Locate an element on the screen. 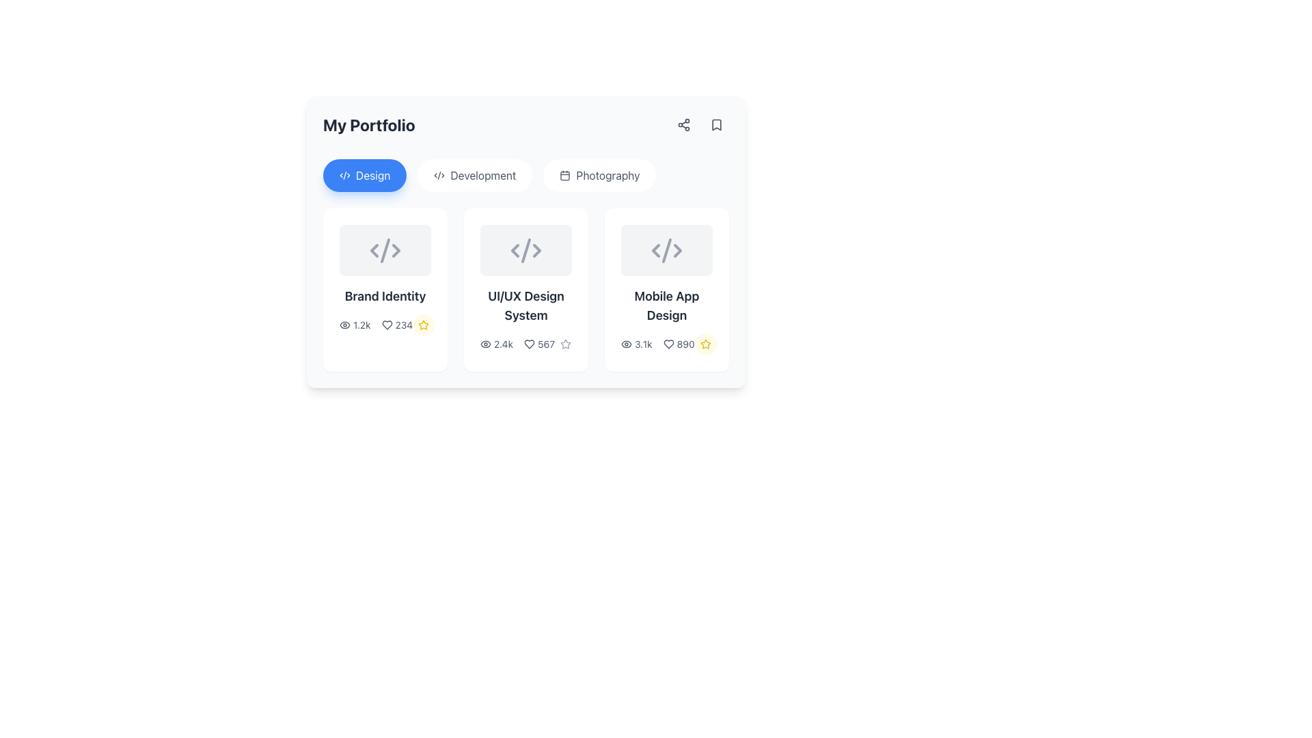  the heart-shaped icon used for registering likes, which is located within the 'Brand Identity' card, adjacent to the numeric text '234' is located at coordinates (386, 325).